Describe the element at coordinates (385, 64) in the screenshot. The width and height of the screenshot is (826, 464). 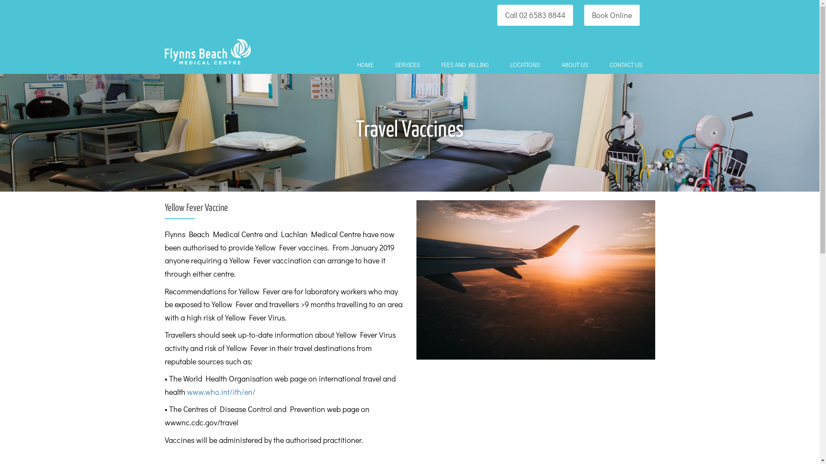
I see `'SERVICES'` at that location.